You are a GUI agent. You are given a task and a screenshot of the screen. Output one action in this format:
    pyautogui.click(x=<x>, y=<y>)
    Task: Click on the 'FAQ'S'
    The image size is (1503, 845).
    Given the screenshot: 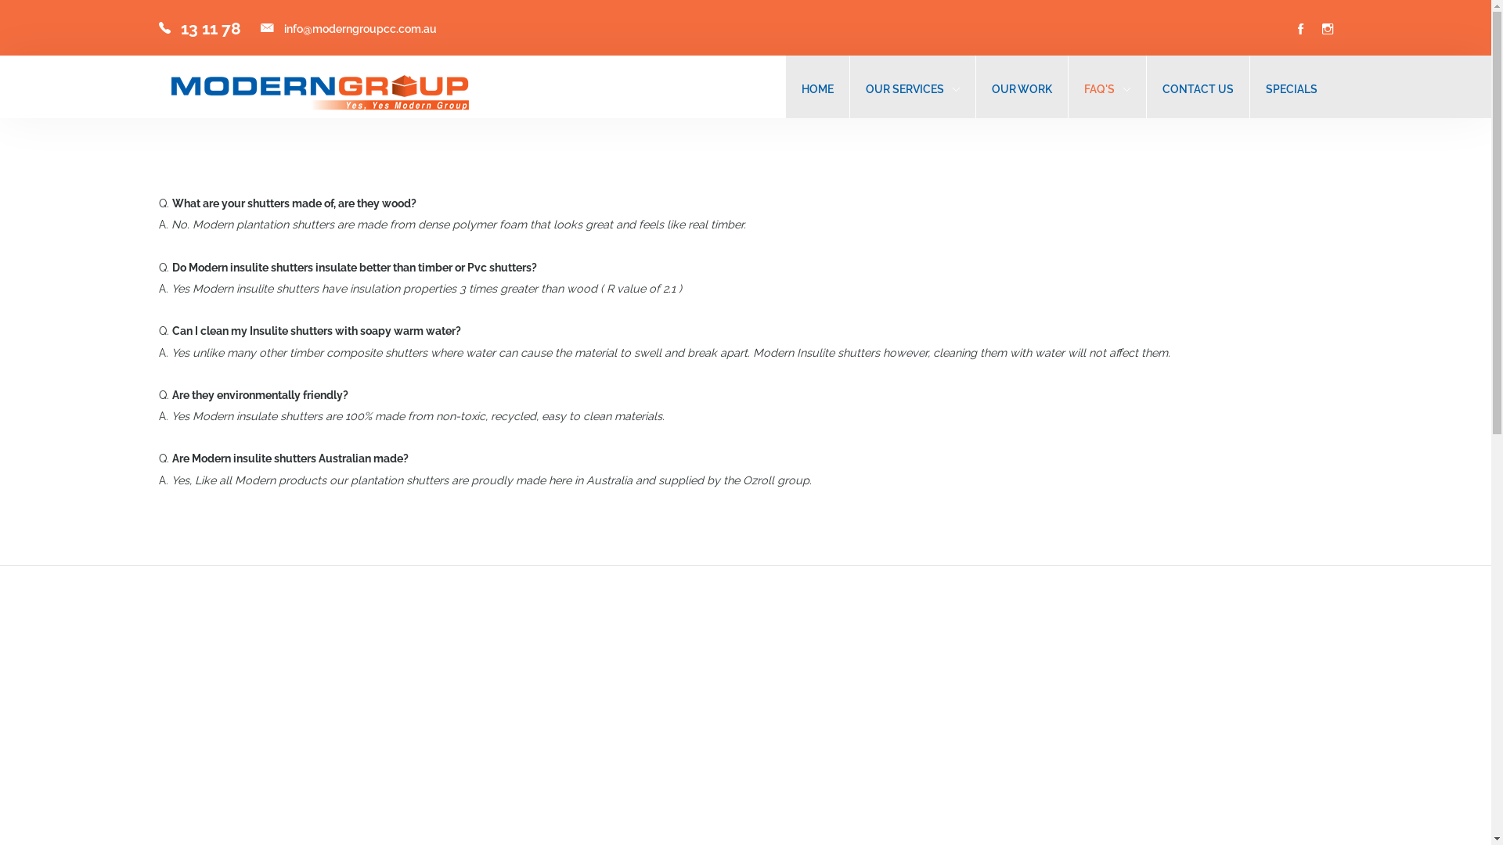 What is the action you would take?
    pyautogui.click(x=1082, y=88)
    